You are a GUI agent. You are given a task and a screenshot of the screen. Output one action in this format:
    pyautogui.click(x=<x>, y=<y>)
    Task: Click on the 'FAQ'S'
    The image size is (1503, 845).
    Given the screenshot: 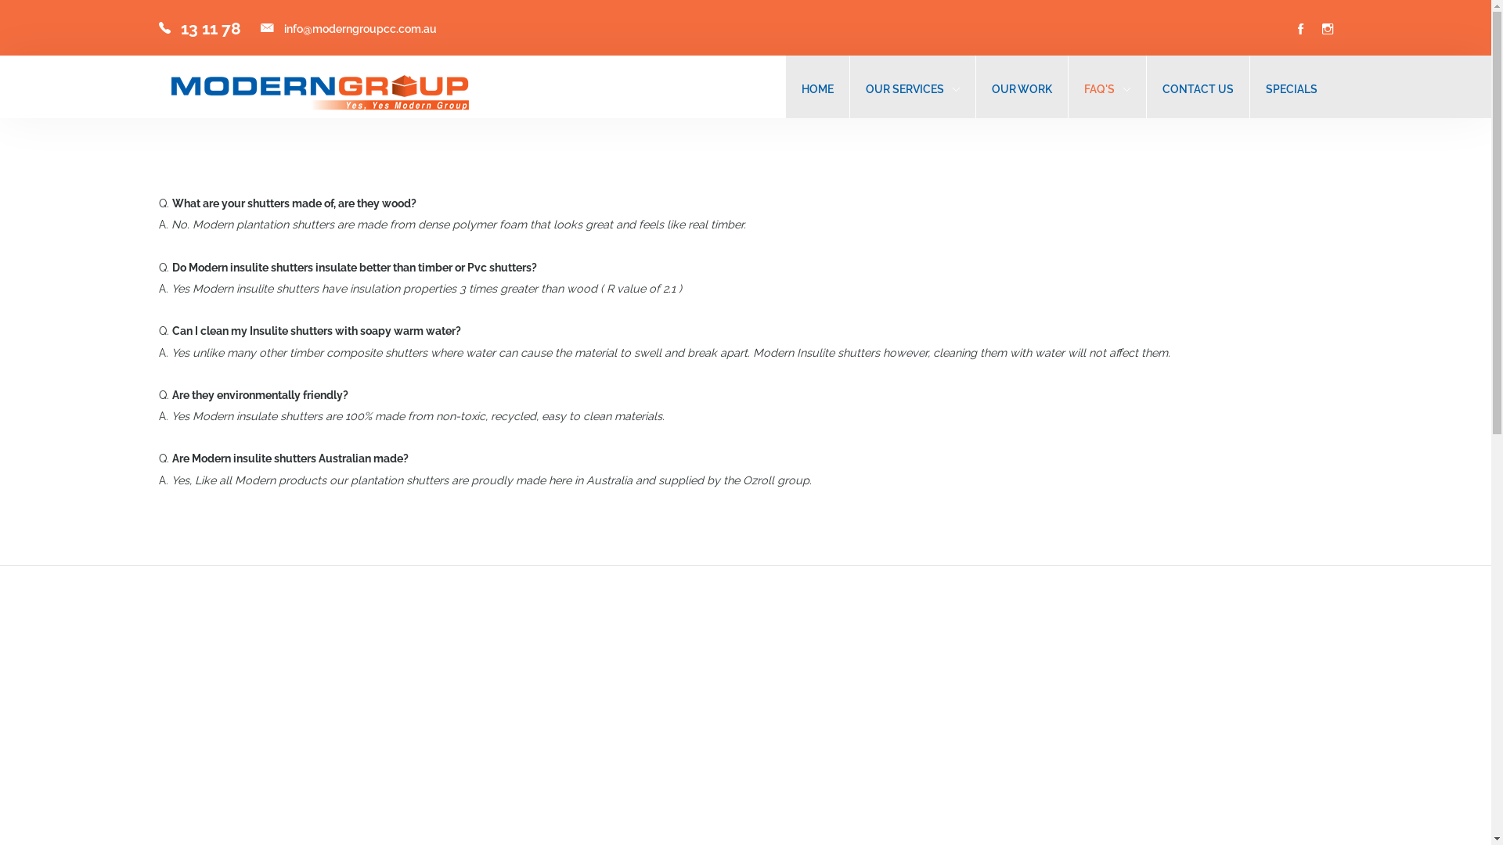 What is the action you would take?
    pyautogui.click(x=1082, y=88)
    